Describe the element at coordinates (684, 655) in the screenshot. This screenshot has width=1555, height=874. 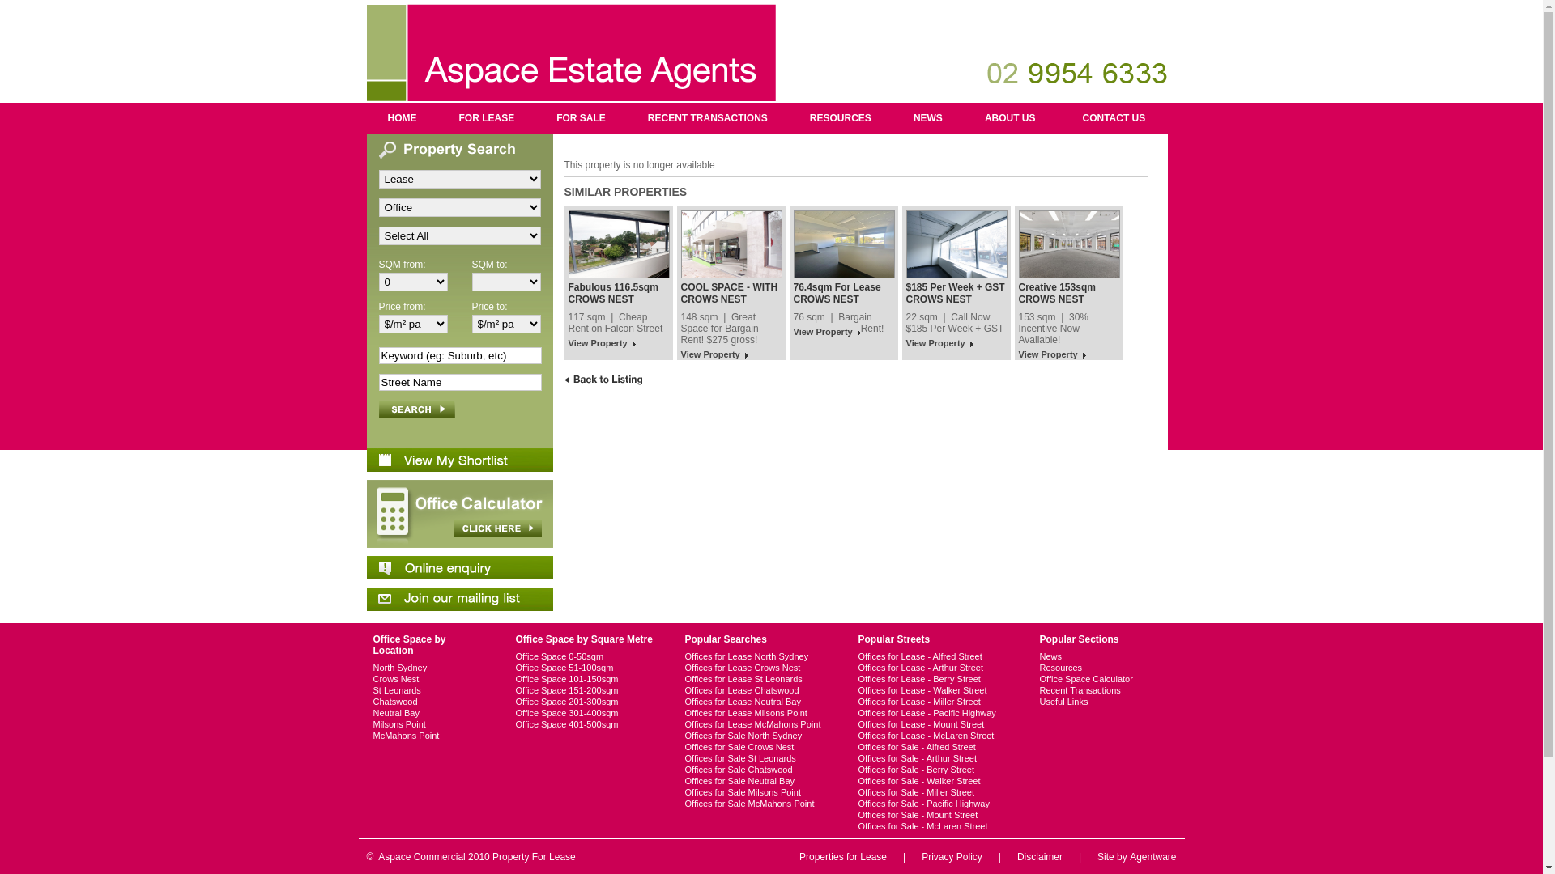
I see `'Offices for Lease North Sydney'` at that location.